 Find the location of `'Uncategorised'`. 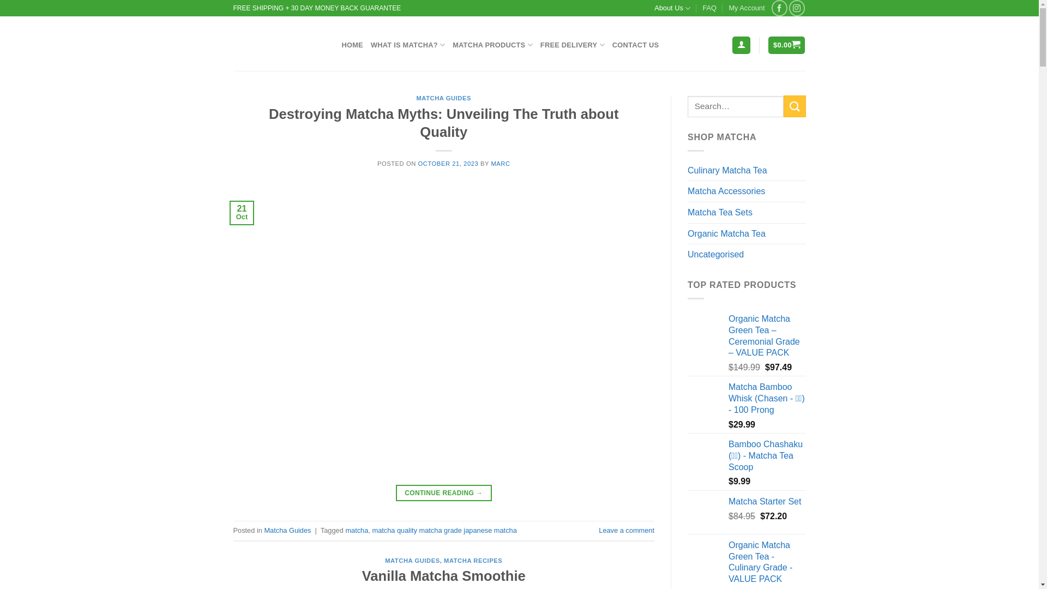

'Uncategorised' is located at coordinates (746, 254).